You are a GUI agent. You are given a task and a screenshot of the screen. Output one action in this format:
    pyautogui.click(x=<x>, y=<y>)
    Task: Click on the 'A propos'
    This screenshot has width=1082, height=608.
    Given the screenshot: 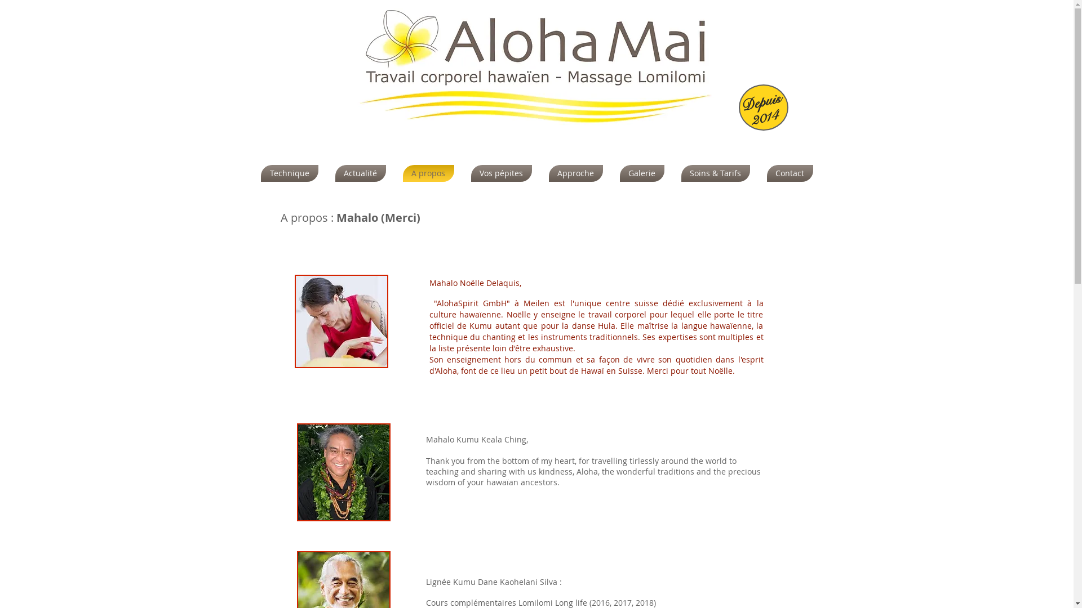 What is the action you would take?
    pyautogui.click(x=428, y=173)
    